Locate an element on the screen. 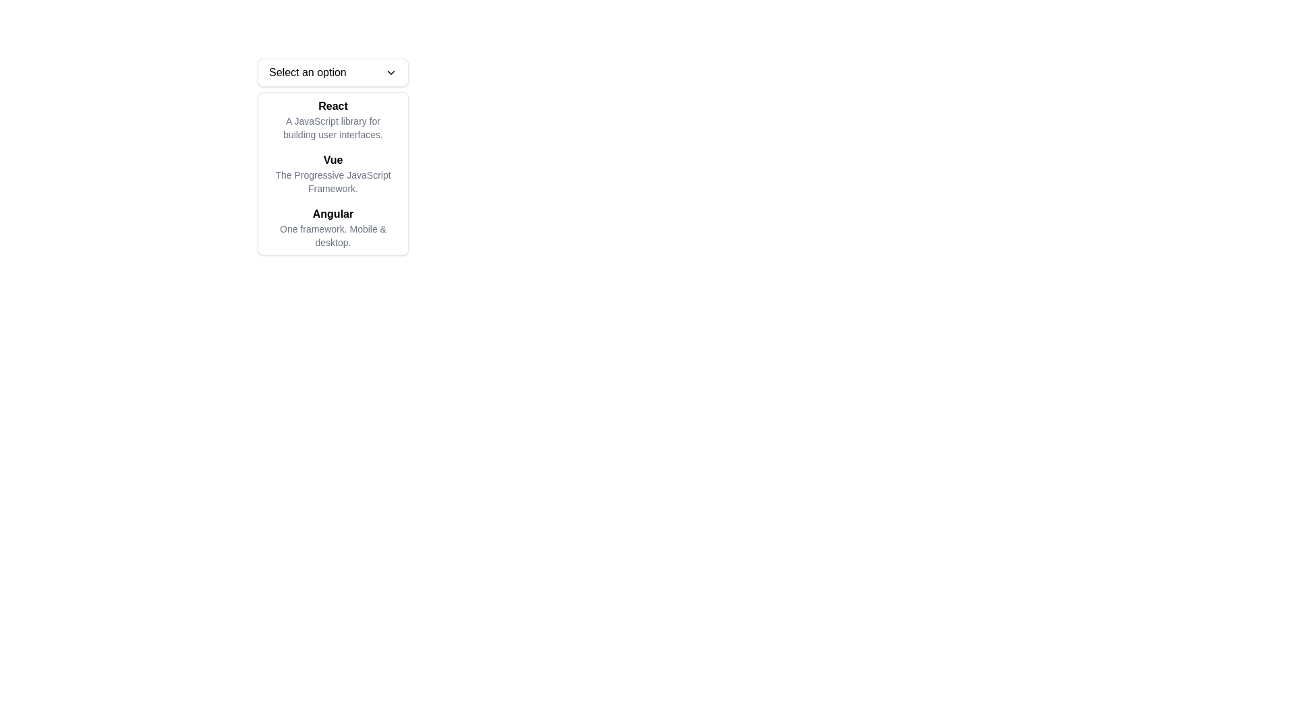  the static text that reads 'A JavaScript library for building user interfaces.' located beneath the 'React' label in the dropdown menu is located at coordinates (333, 127).